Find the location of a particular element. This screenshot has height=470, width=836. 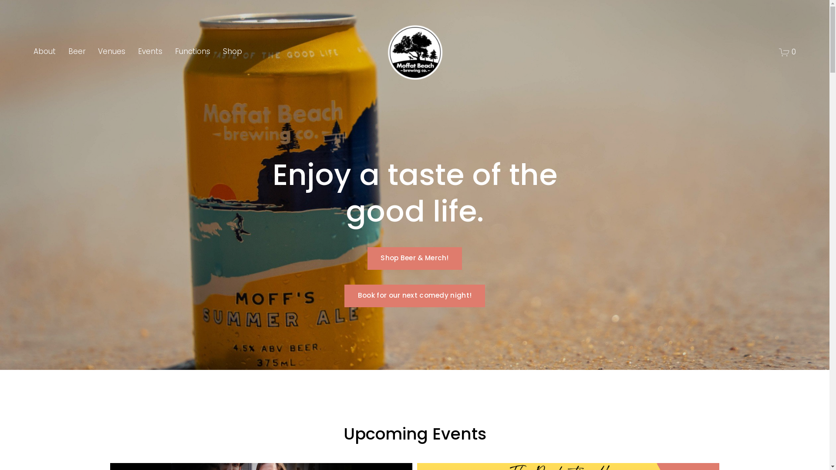

'0' is located at coordinates (788, 52).